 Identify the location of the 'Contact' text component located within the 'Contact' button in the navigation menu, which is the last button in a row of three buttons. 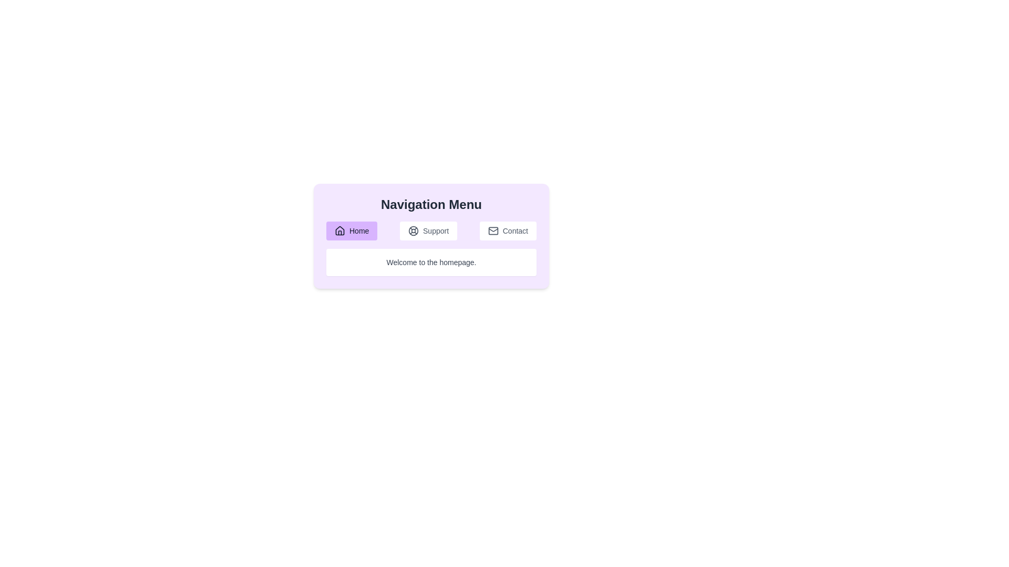
(515, 230).